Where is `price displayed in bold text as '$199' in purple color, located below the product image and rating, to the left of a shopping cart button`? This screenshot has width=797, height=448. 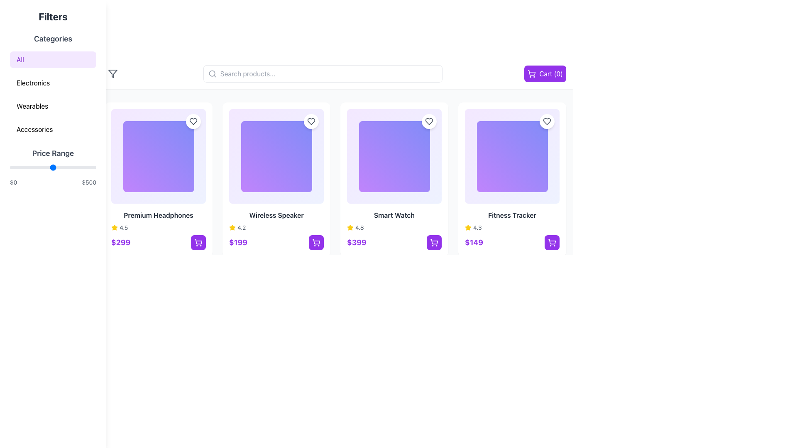 price displayed in bold text as '$199' in purple color, located below the product image and rating, to the left of a shopping cart button is located at coordinates (238, 243).